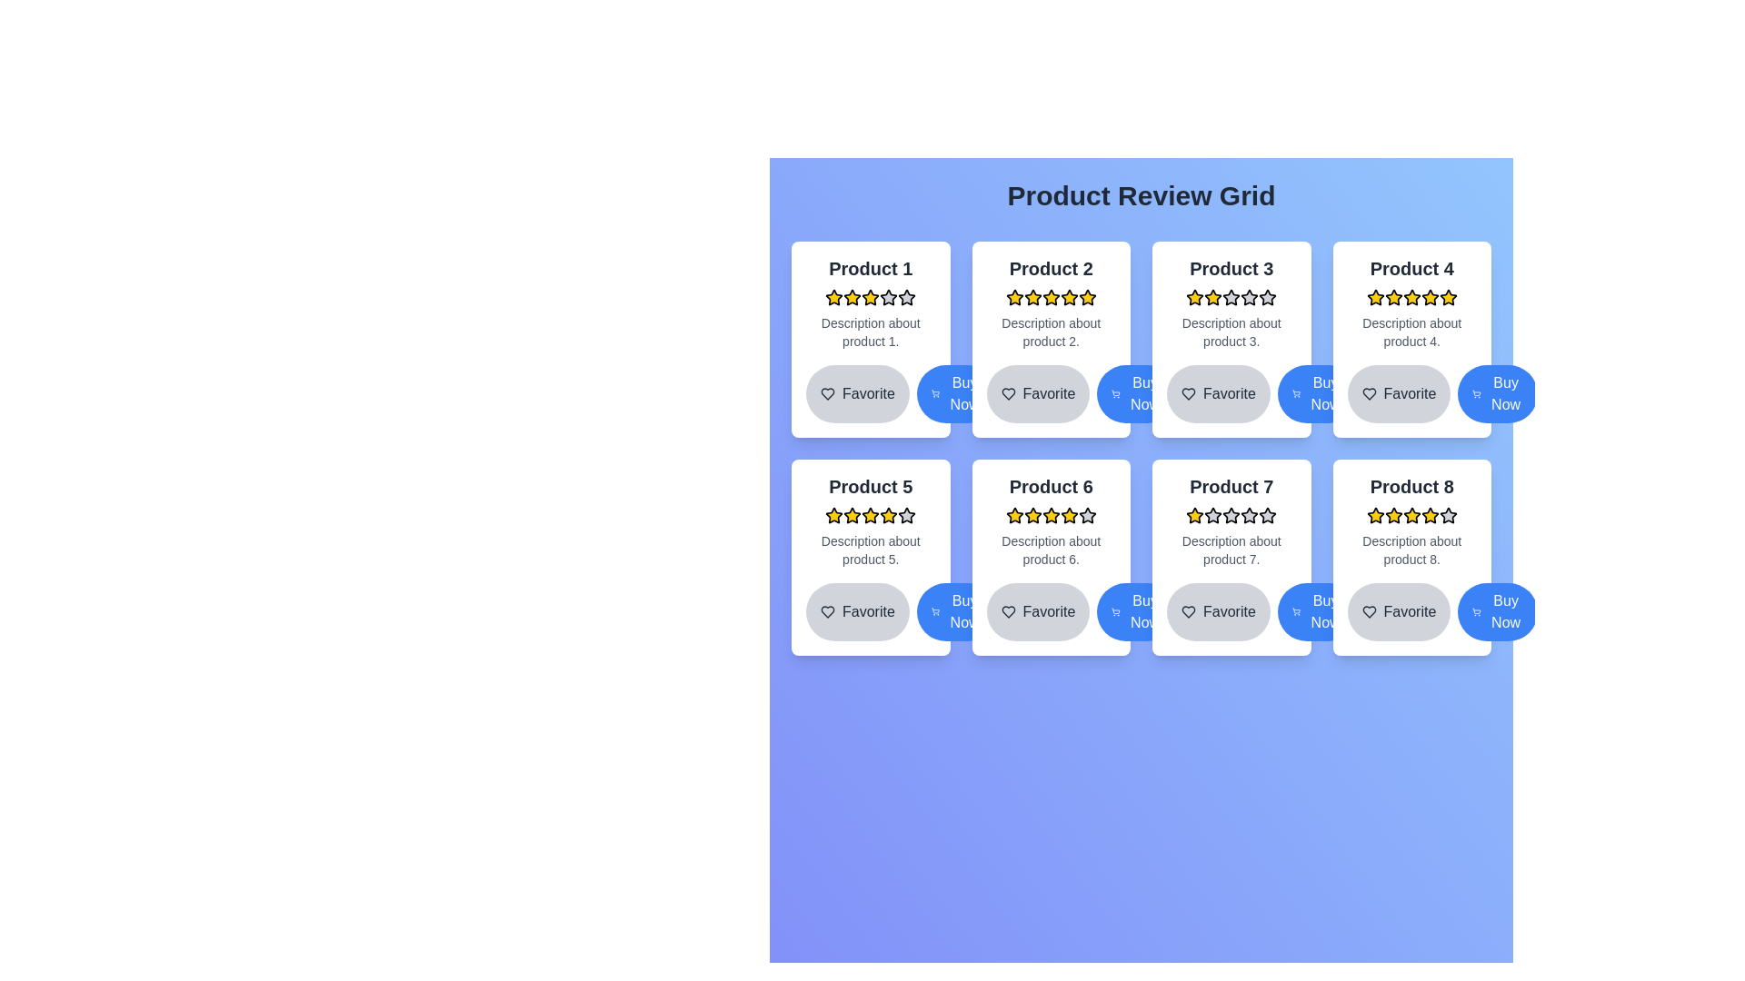  Describe the element at coordinates (1369, 612) in the screenshot. I see `the 'Favorite' button icon located in the 'Product 8' card slot at the bottom-right corner of the grid, which visually represents the ability to mark the associated item as a favorite` at that location.